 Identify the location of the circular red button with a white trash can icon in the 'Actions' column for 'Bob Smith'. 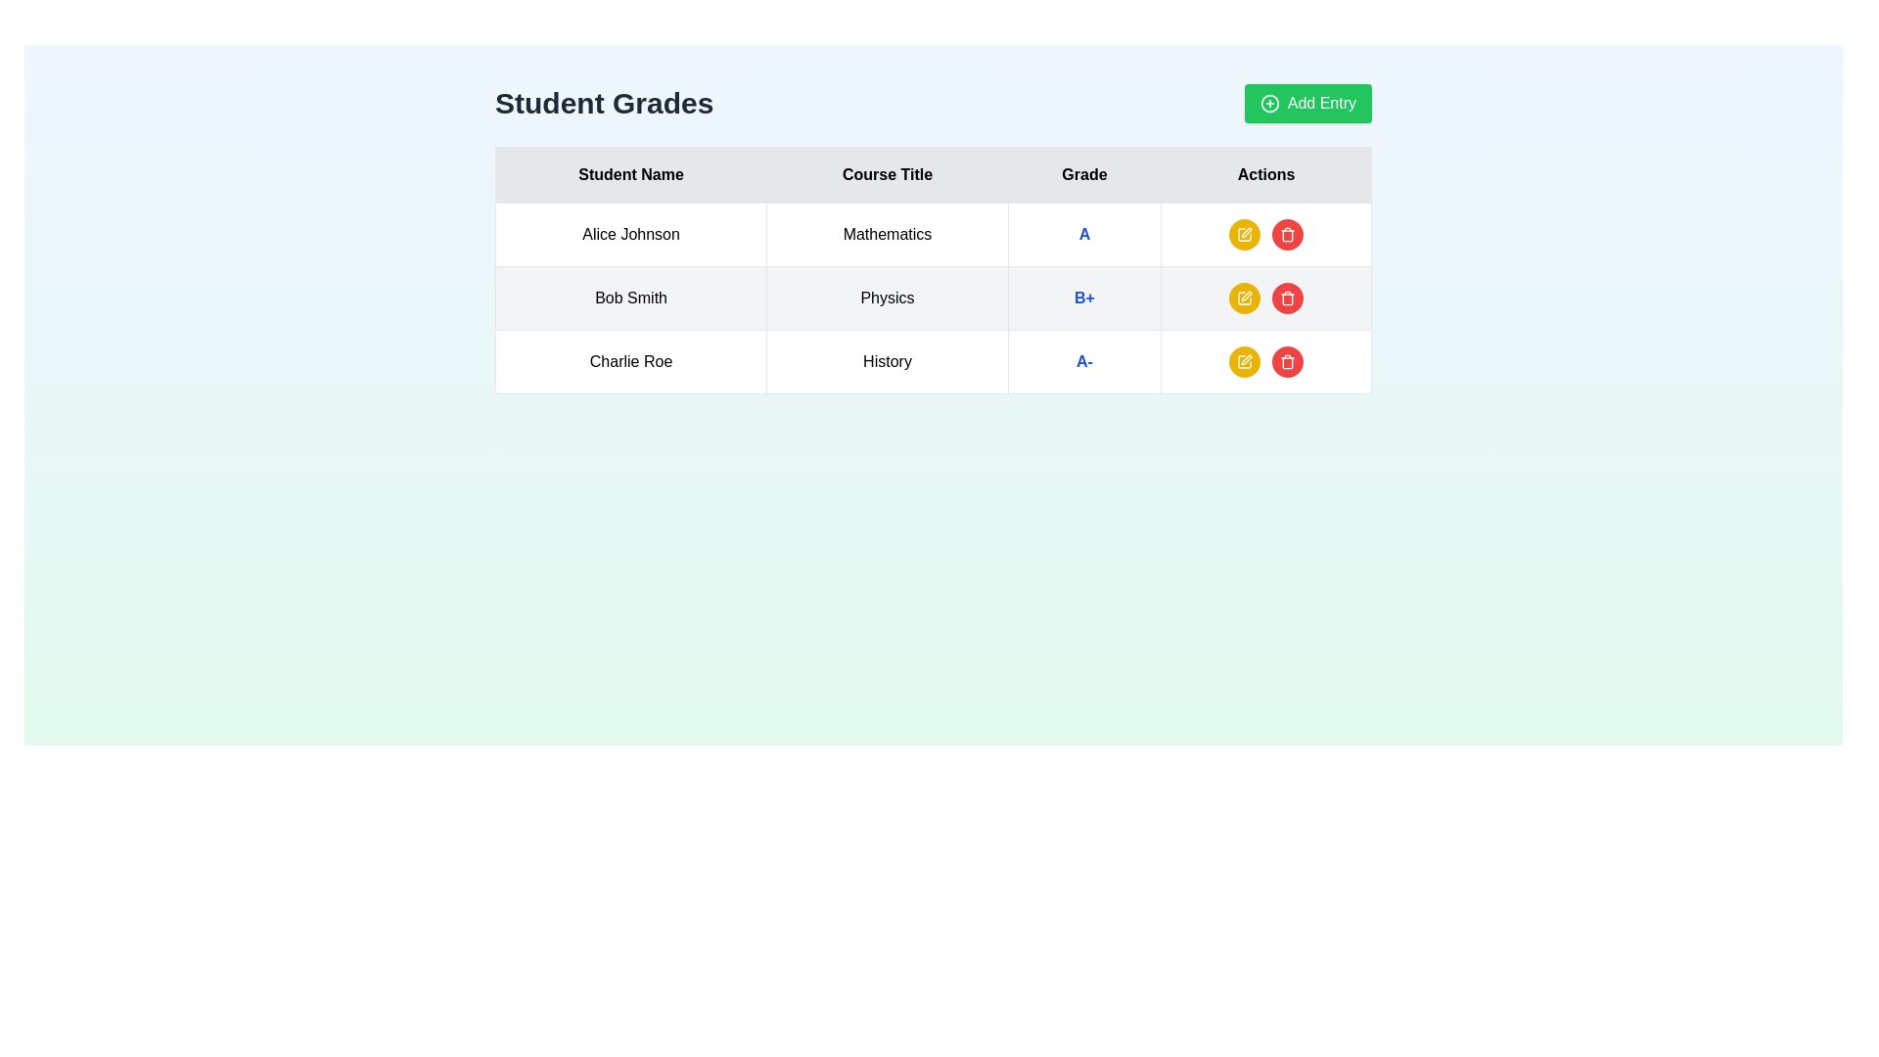
(1287, 298).